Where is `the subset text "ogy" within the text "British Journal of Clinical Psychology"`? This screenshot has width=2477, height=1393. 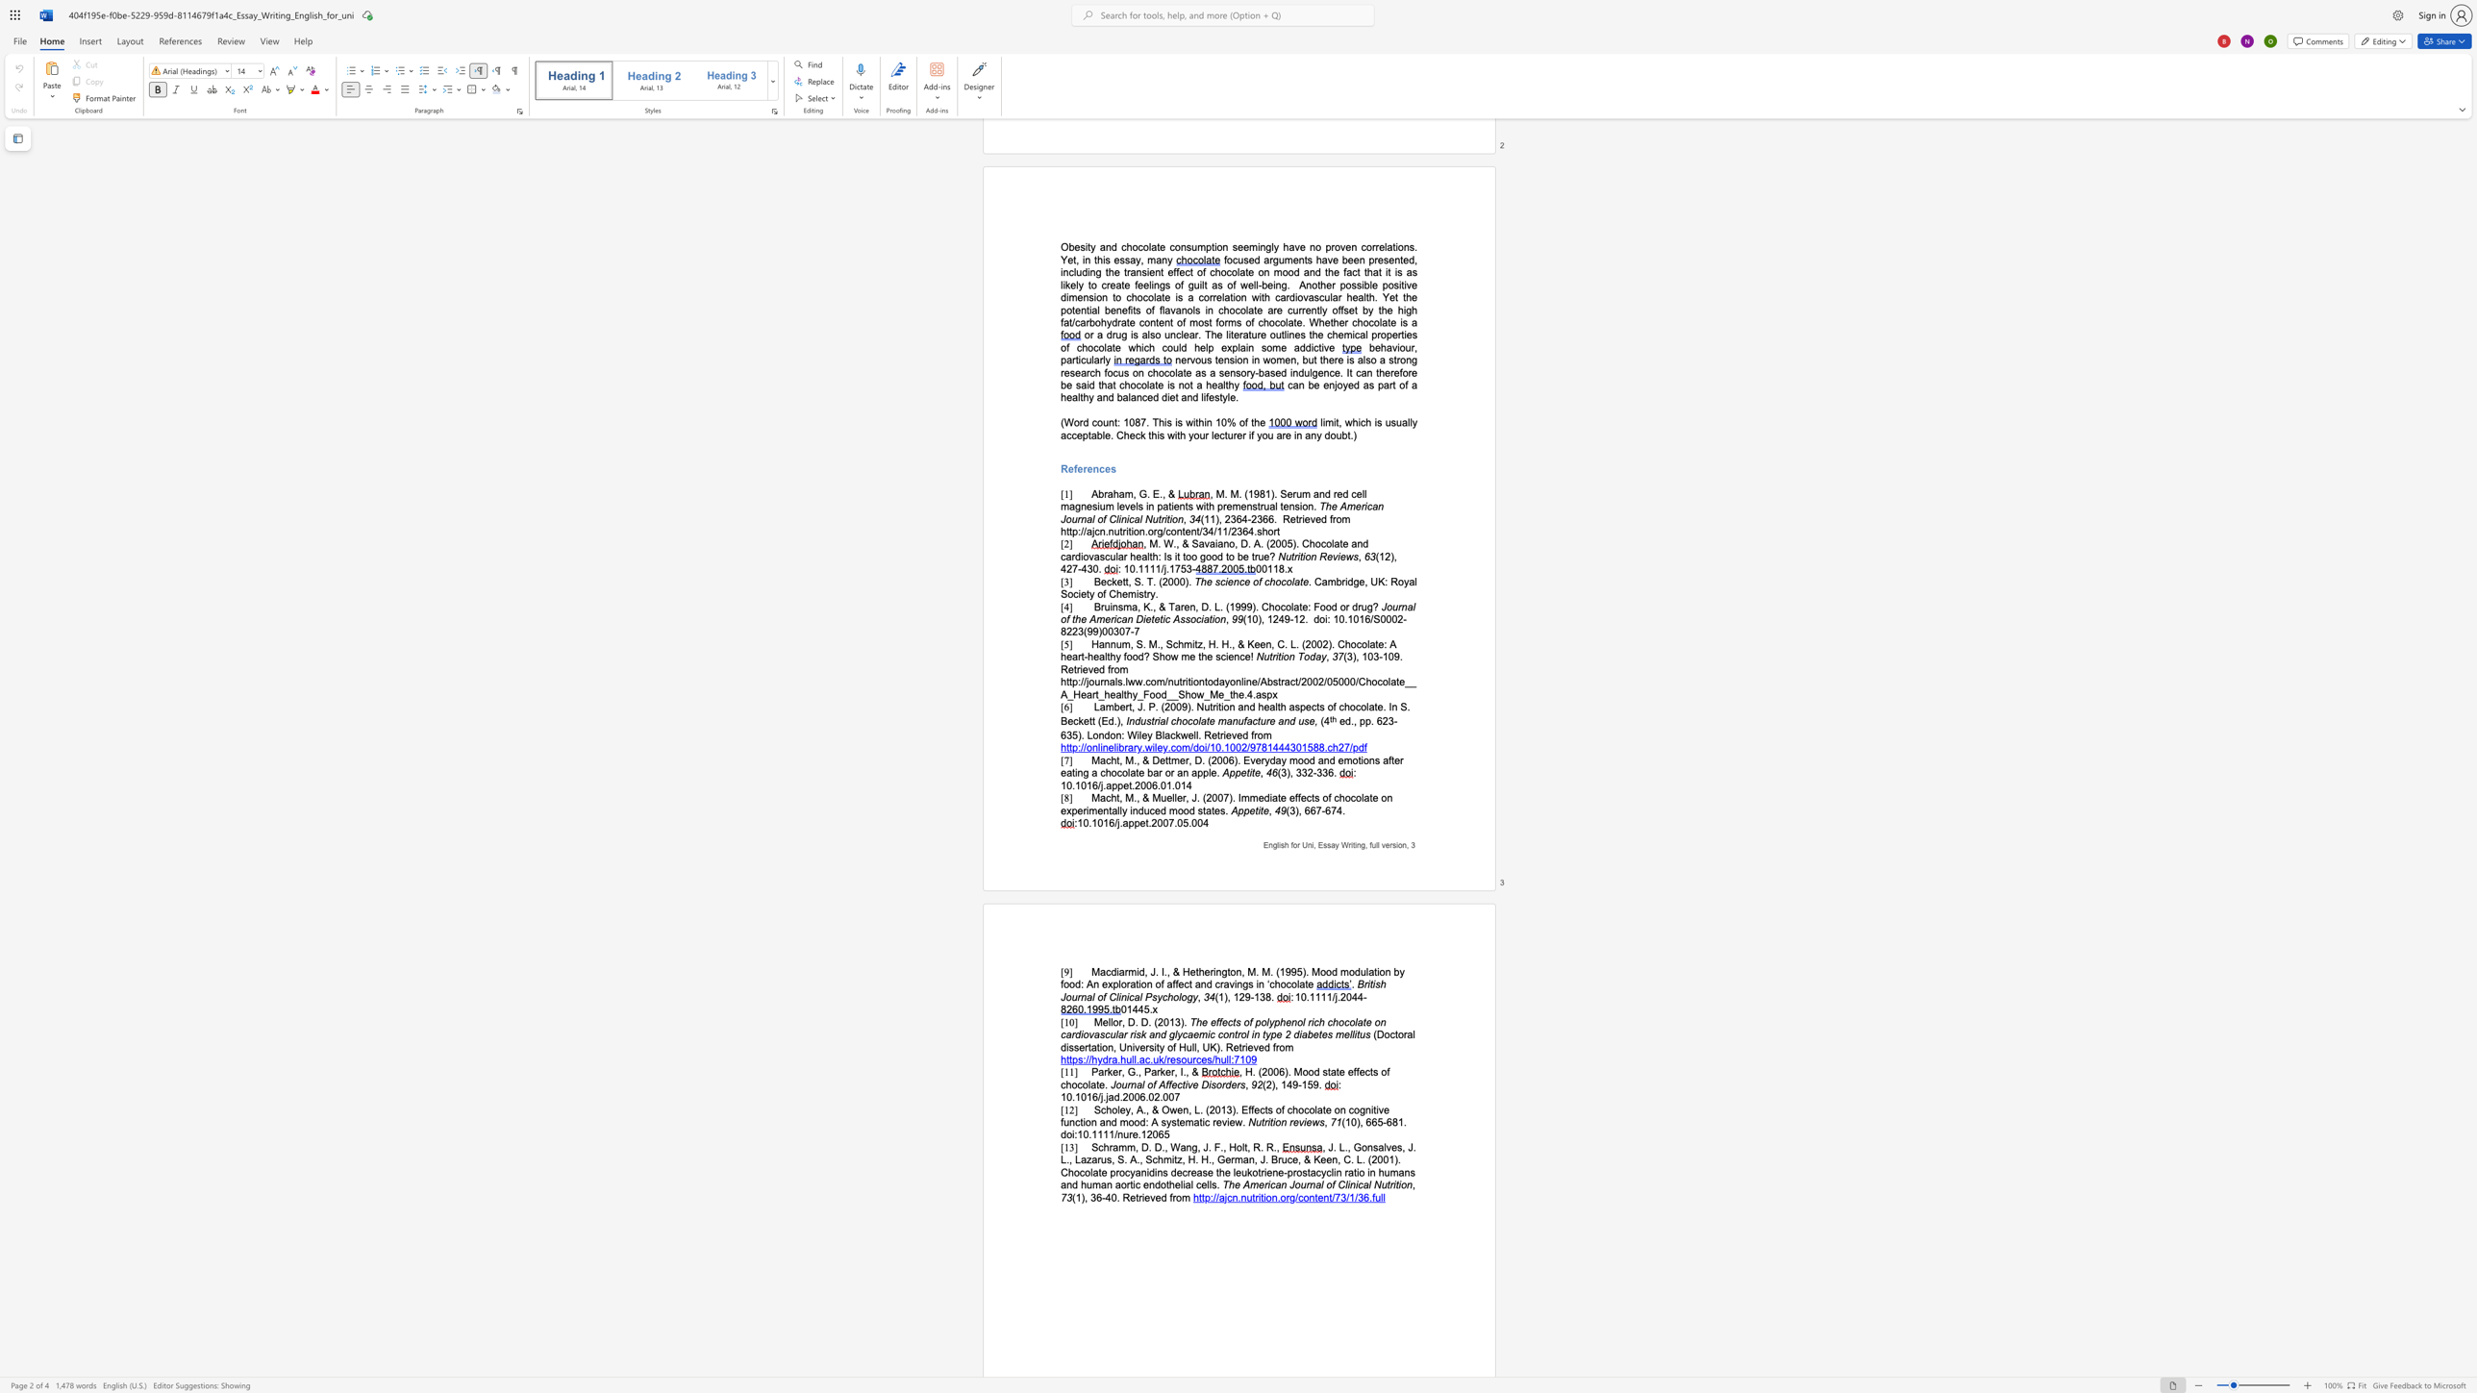
the subset text "ogy" within the text "British Journal of Clinical Psychology" is located at coordinates (1181, 996).